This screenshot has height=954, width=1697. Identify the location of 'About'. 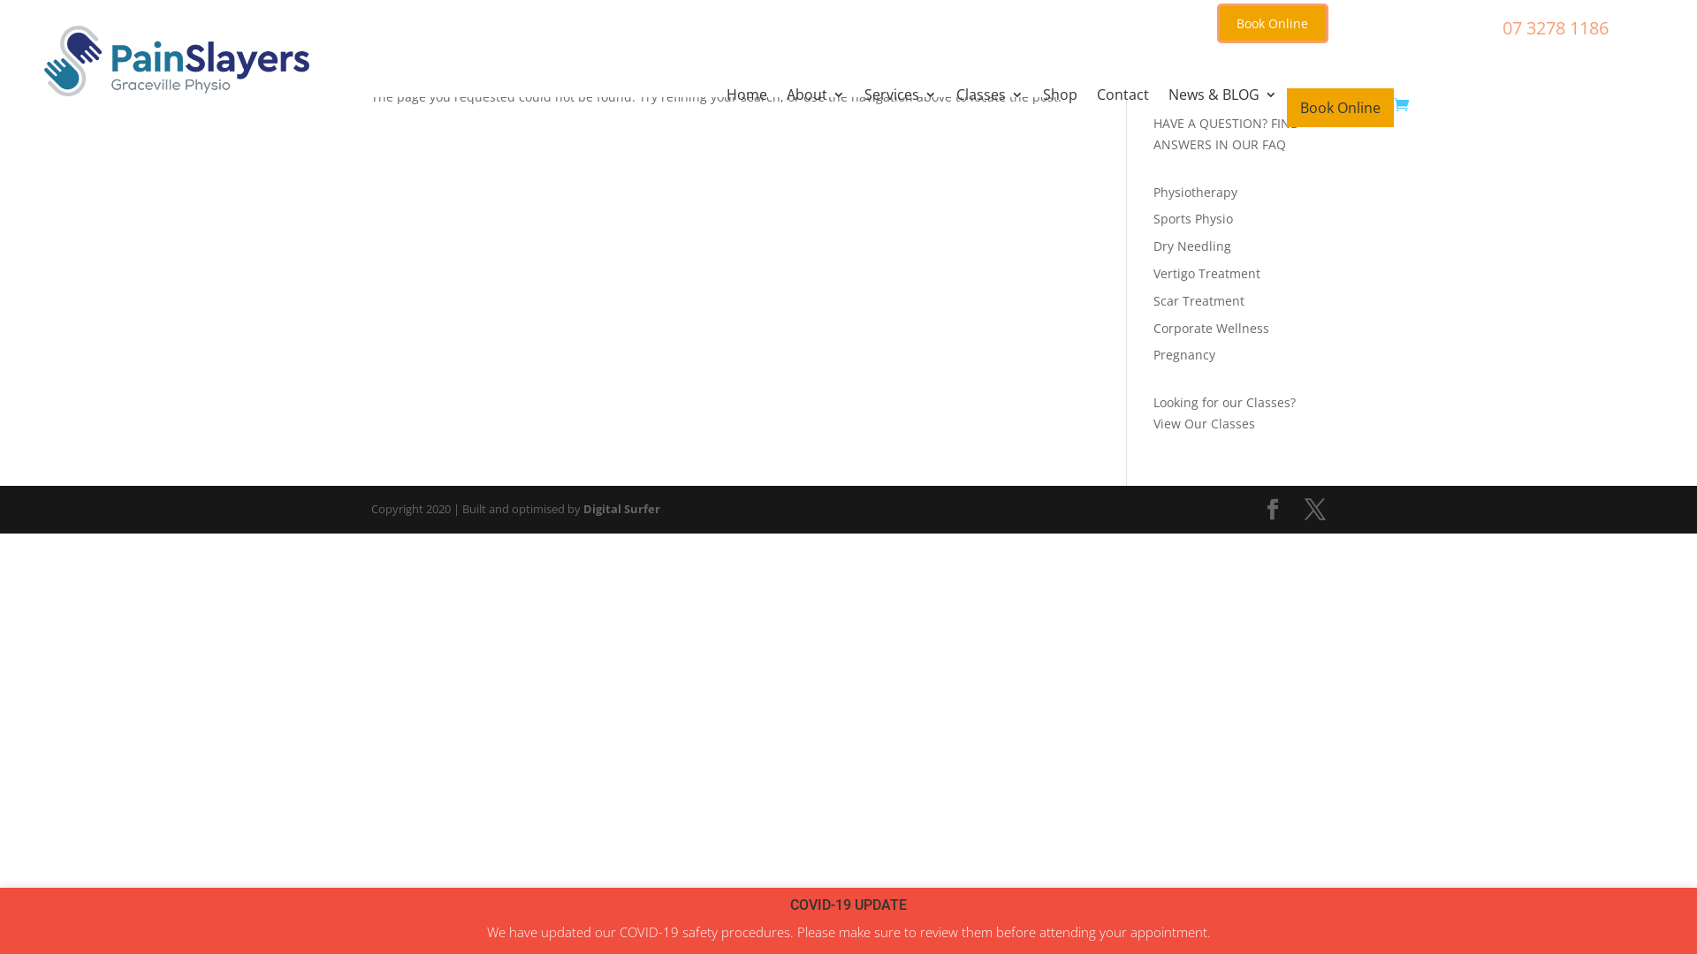
(814, 108).